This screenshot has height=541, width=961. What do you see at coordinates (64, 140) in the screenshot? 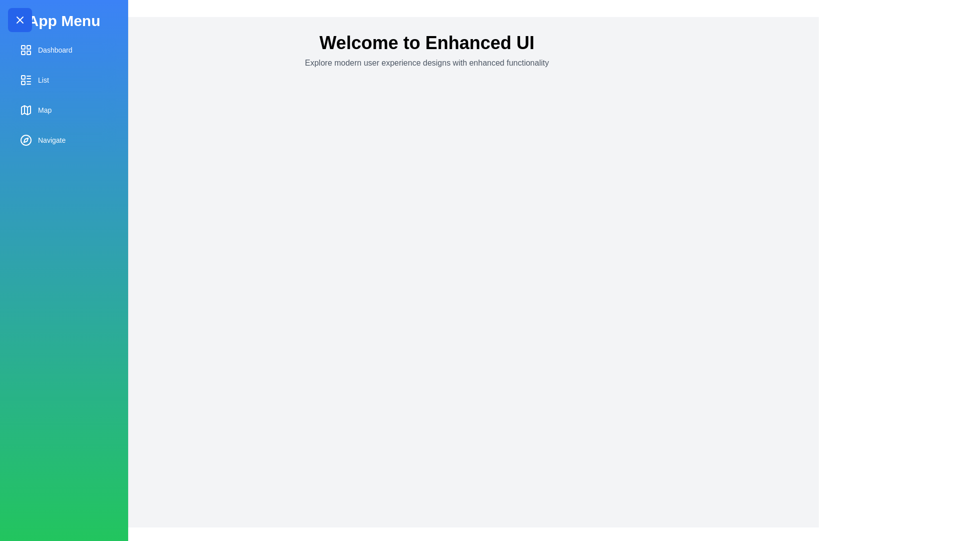
I see `the menu item labeled Navigate` at bounding box center [64, 140].